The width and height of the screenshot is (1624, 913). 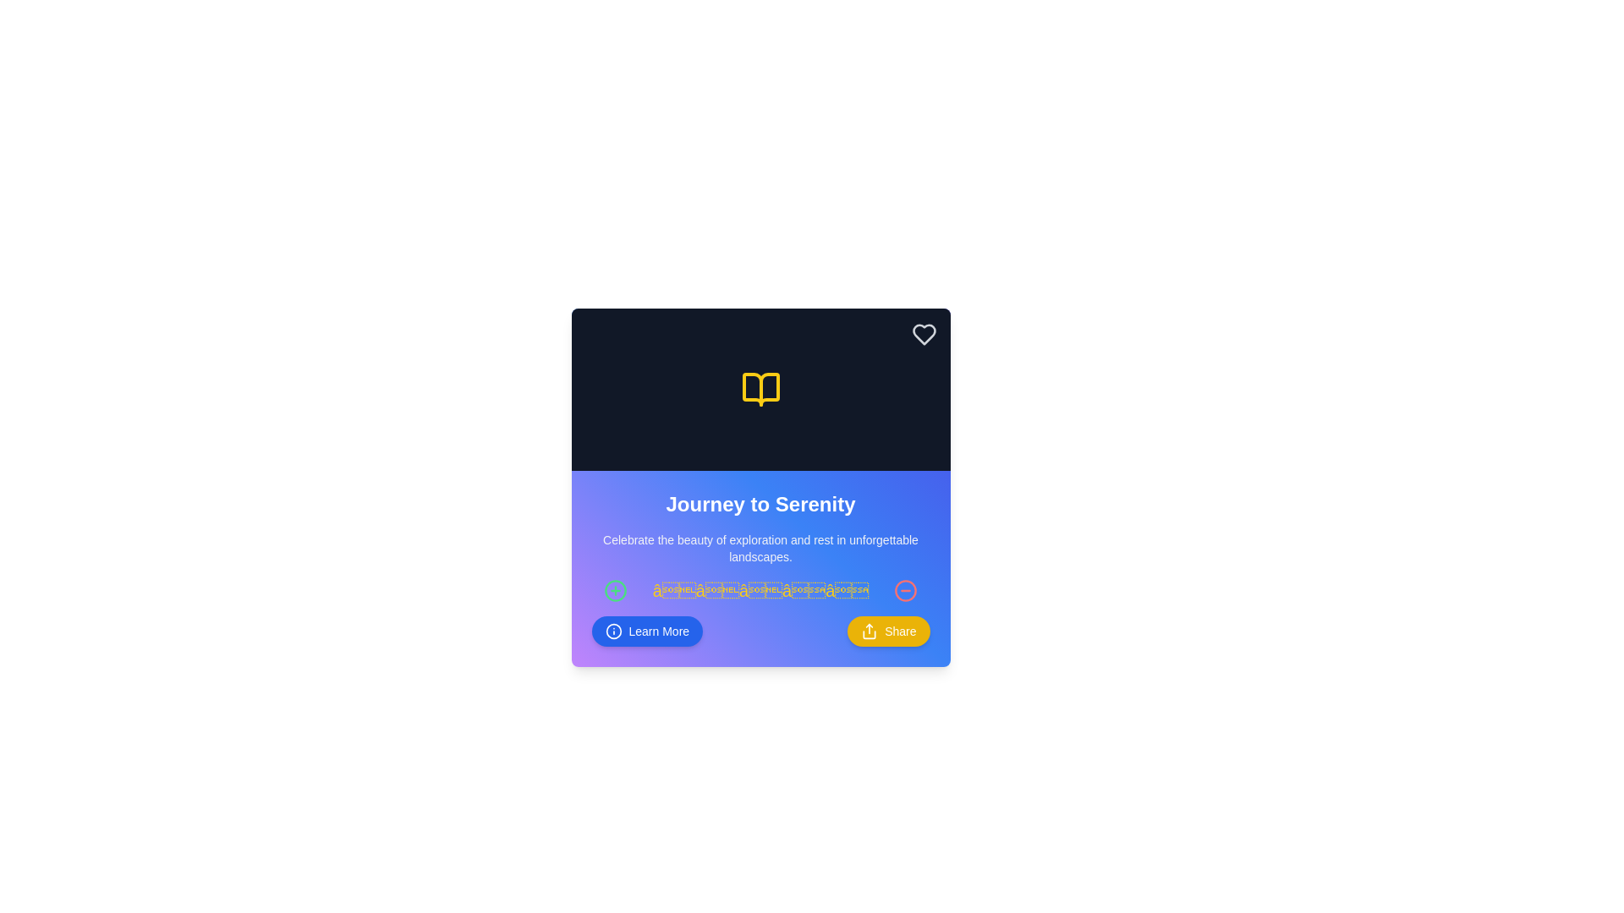 I want to click on the 'Share' text label located at the right end of the yellow share button, which also features a share icon on the left, so click(x=899, y=631).